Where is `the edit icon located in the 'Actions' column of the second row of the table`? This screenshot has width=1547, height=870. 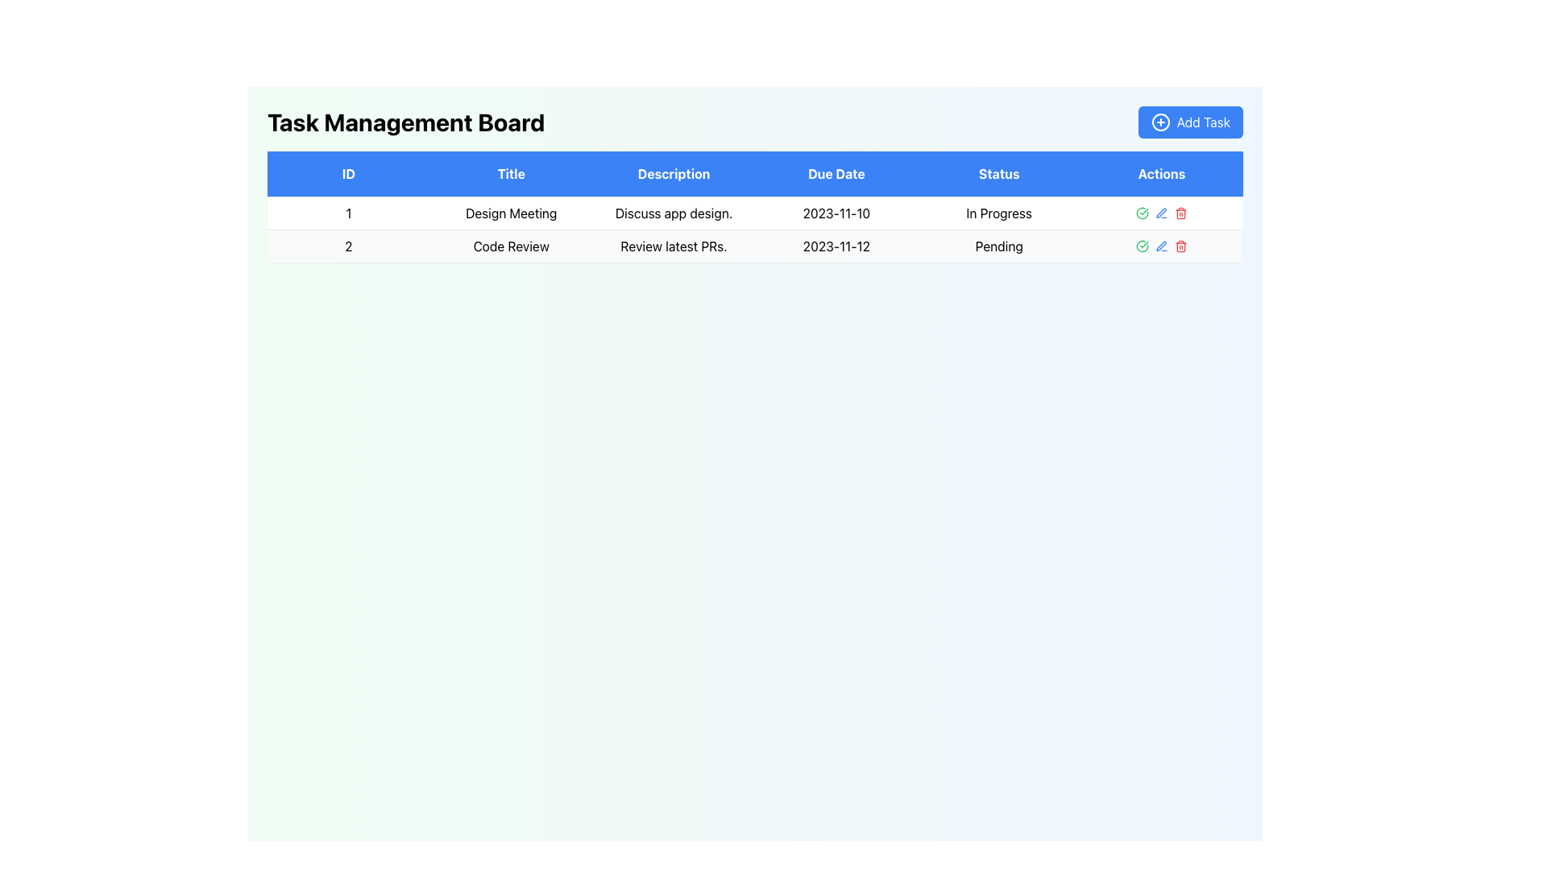
the edit icon located in the 'Actions' column of the second row of the table is located at coordinates (1161, 212).